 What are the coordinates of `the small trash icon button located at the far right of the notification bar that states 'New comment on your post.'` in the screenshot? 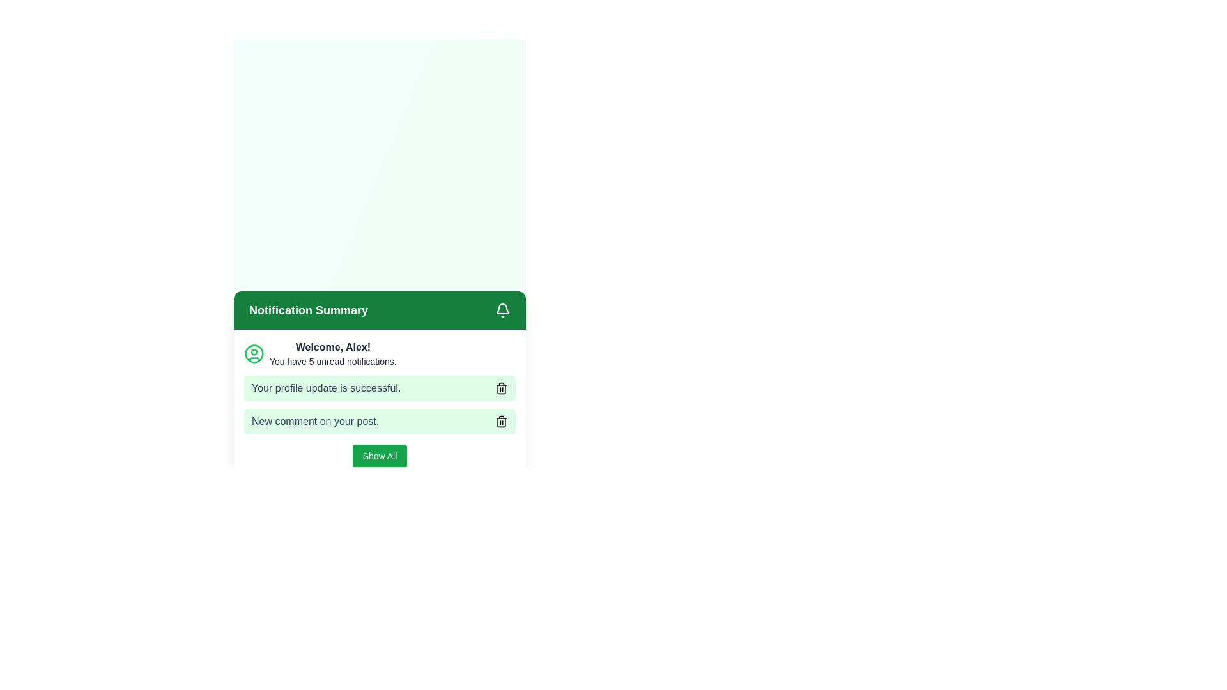 It's located at (501, 421).